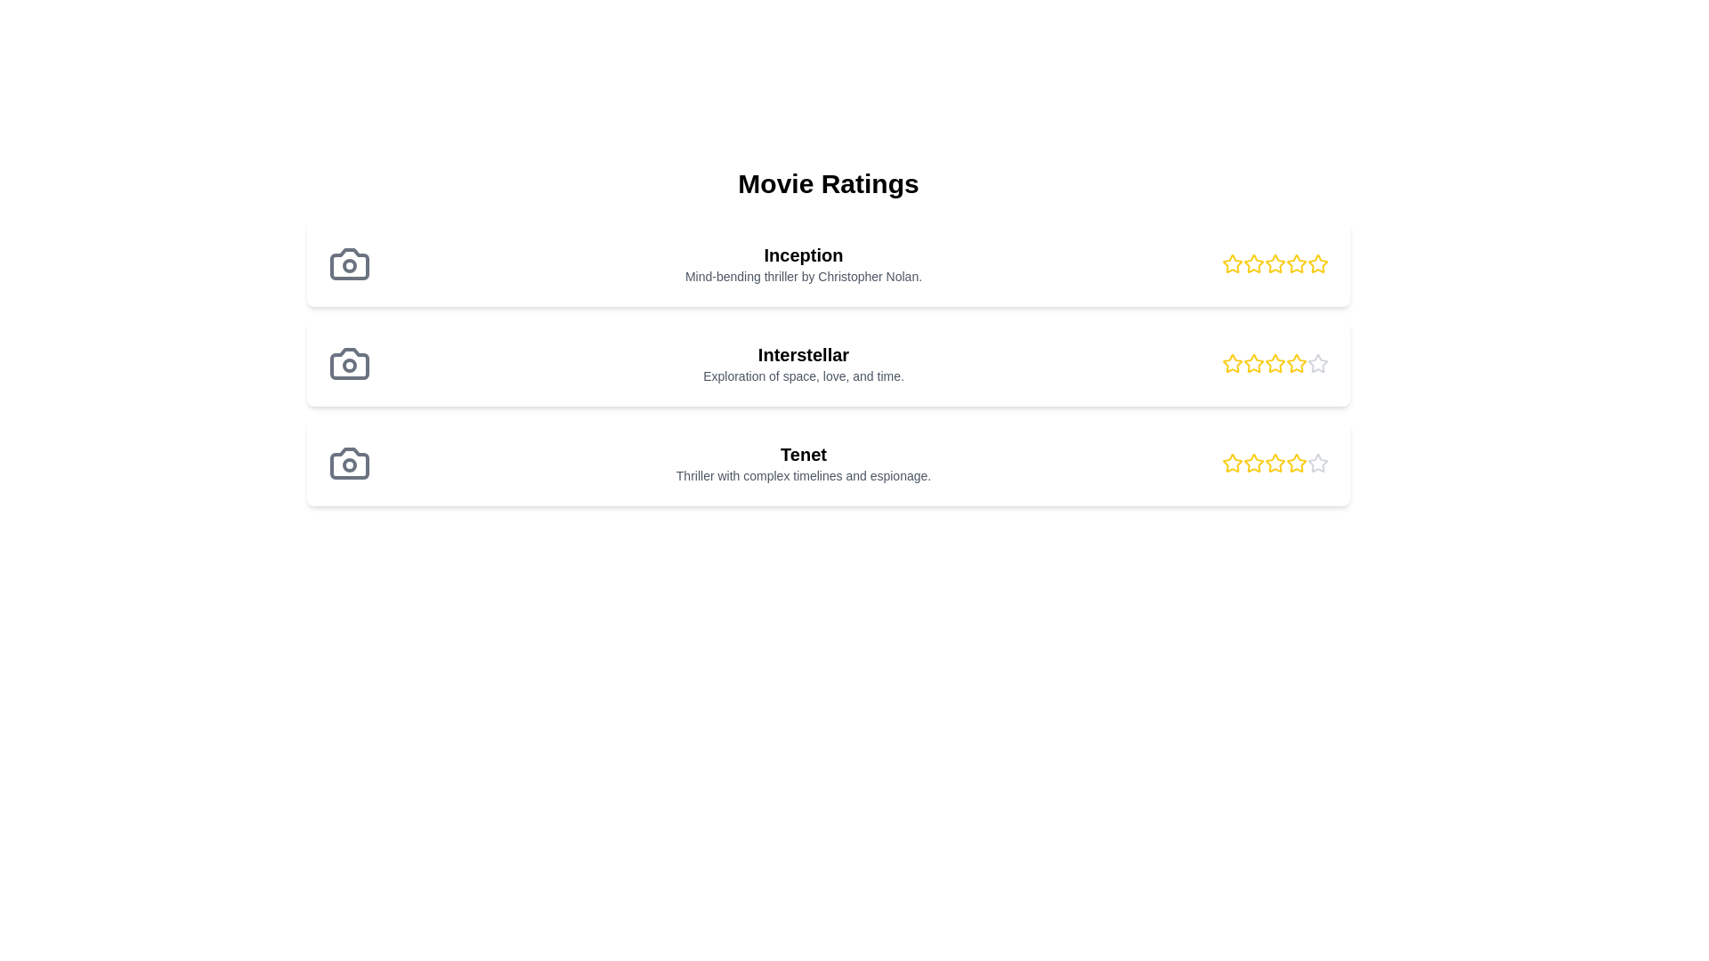 The width and height of the screenshot is (1709, 961). Describe the element at coordinates (350, 266) in the screenshot. I see `the small circular shape within the camera icon located at the top left corner of the content layout` at that location.